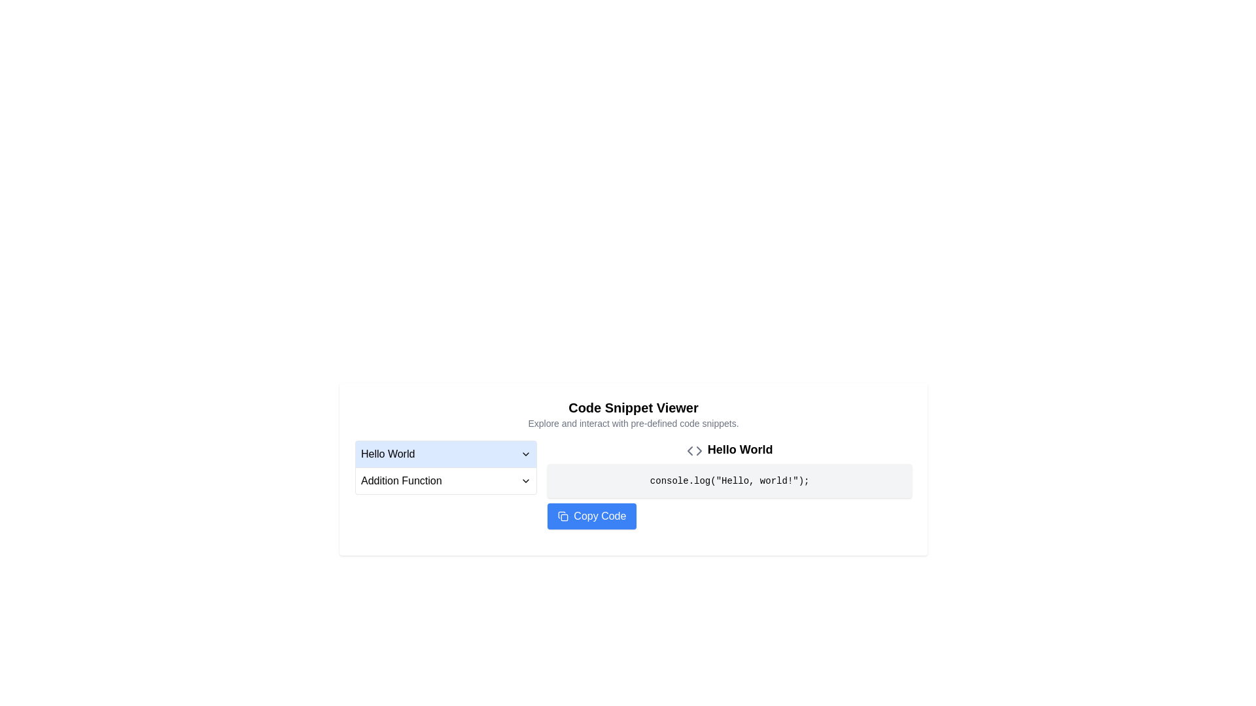 Image resolution: width=1256 pixels, height=706 pixels. I want to click on the 'Copy Code' button located at the bottom-right of the interface, so click(591, 516).